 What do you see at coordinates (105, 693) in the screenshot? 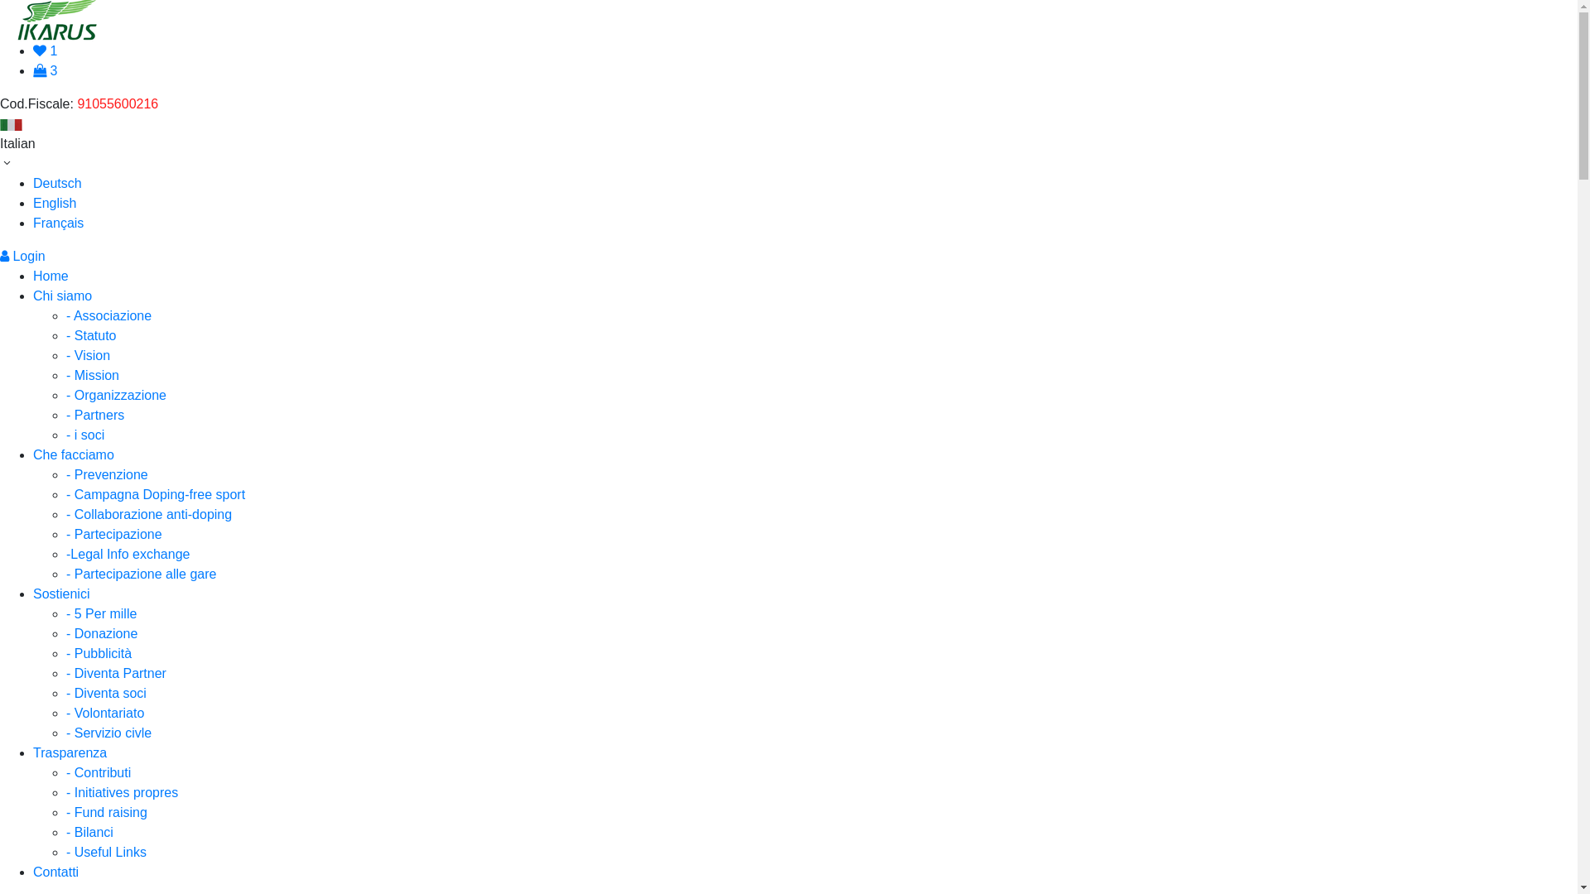
I see `'- Diventa soci'` at bounding box center [105, 693].